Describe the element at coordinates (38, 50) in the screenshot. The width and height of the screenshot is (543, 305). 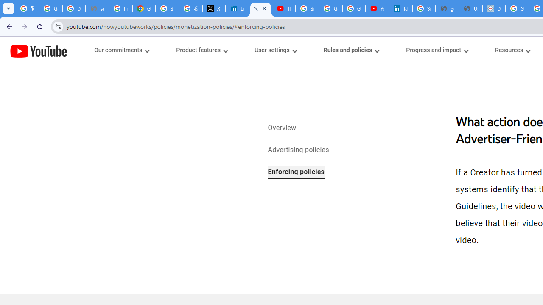
I see `'How YouTube Works'` at that location.